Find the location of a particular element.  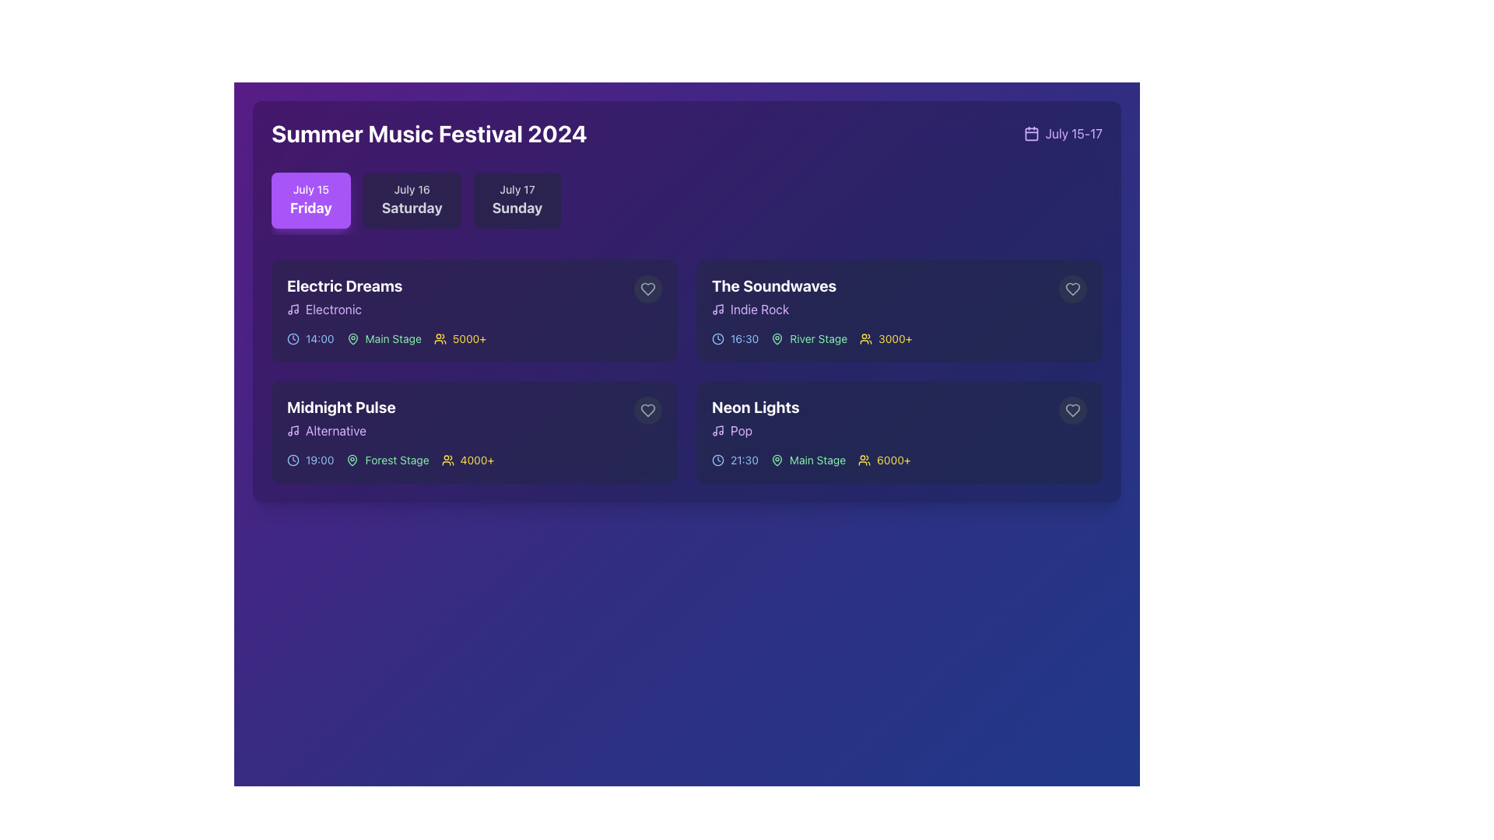

the map pin icon with a green outline located to the left of the 'Forest Stage' text in the details section of the 'Midnight Pulse' event card is located at coordinates (352, 459).